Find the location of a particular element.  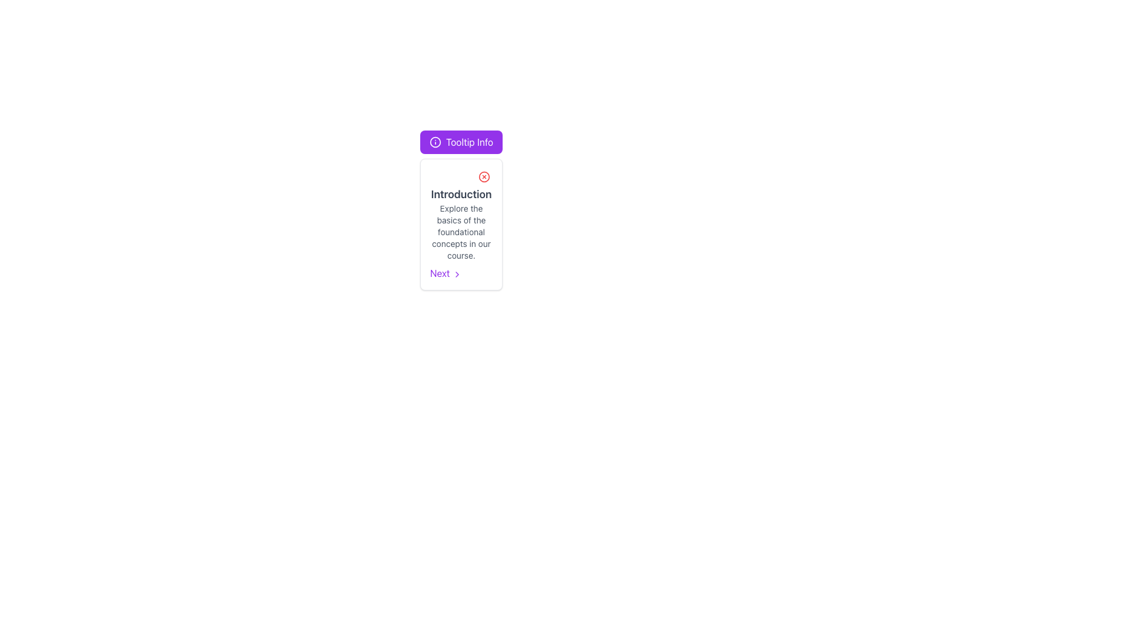

the informational text block located in the tooltip-like component, positioned centrally above the 'Next' button and below the icon-based header is located at coordinates (460, 224).